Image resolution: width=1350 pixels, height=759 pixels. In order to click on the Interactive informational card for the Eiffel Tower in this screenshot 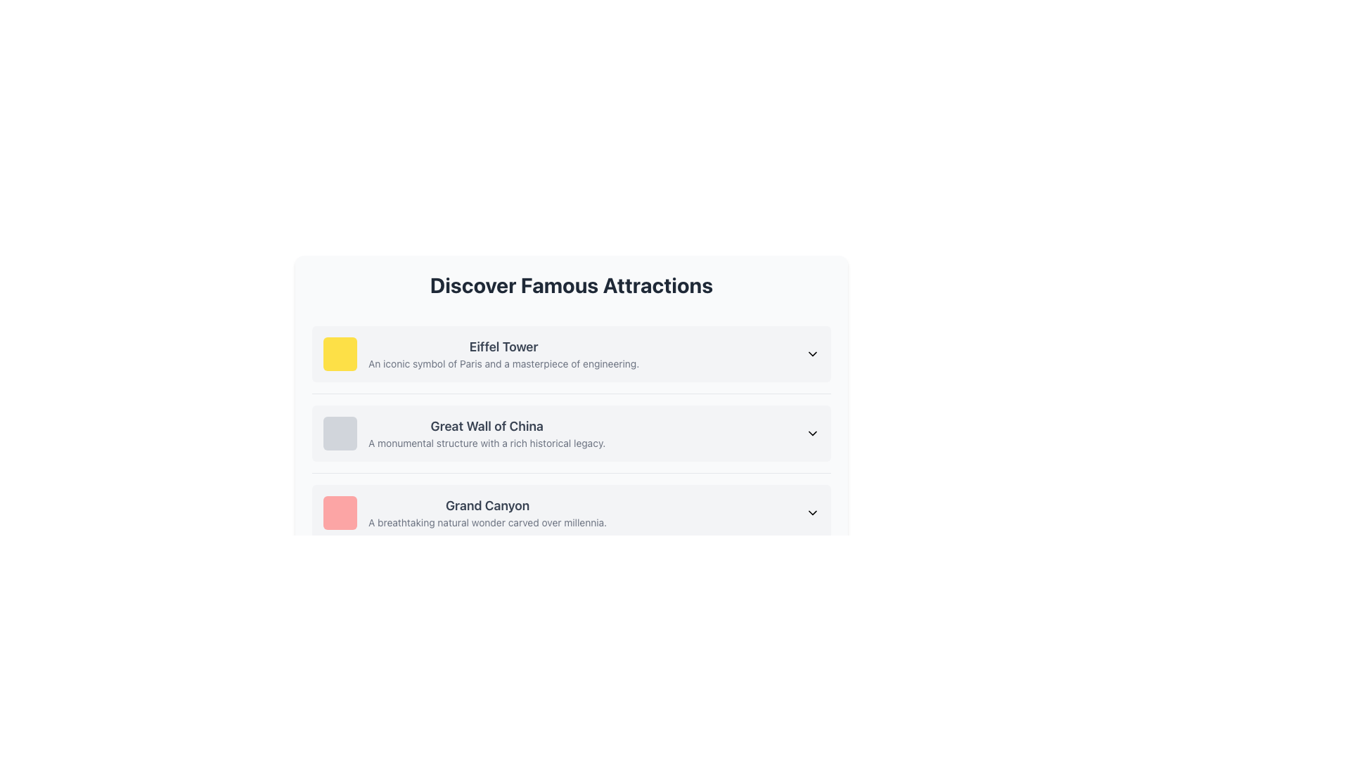, I will do `click(571, 375)`.